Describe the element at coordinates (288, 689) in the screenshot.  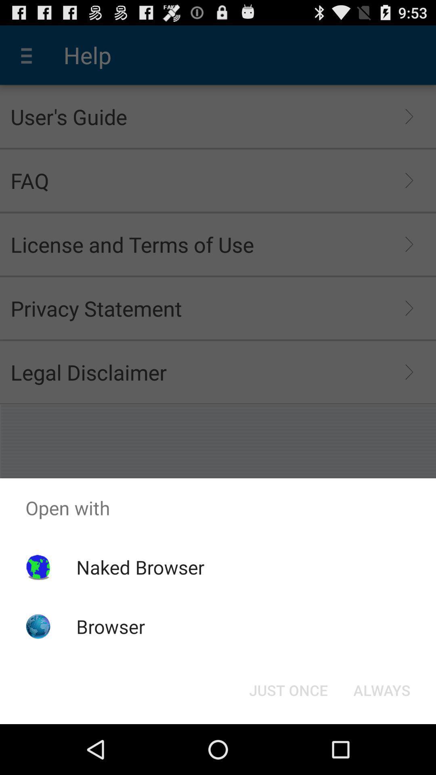
I see `button to the left of always button` at that location.